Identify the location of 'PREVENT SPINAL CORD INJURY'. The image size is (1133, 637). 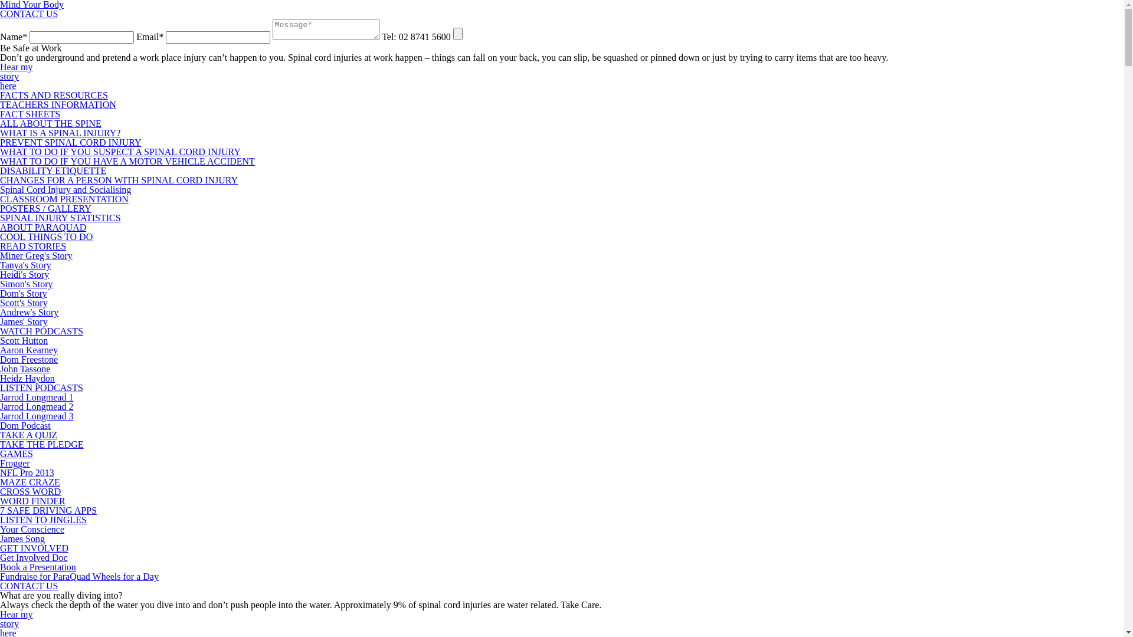
(70, 142).